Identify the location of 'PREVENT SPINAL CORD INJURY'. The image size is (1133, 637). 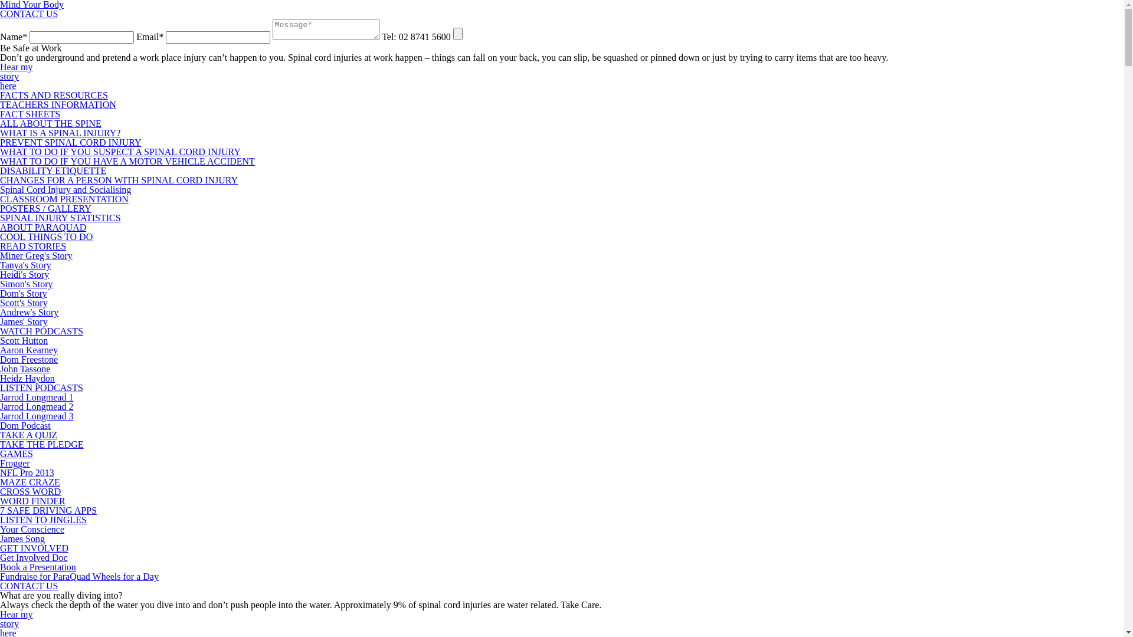
(70, 142).